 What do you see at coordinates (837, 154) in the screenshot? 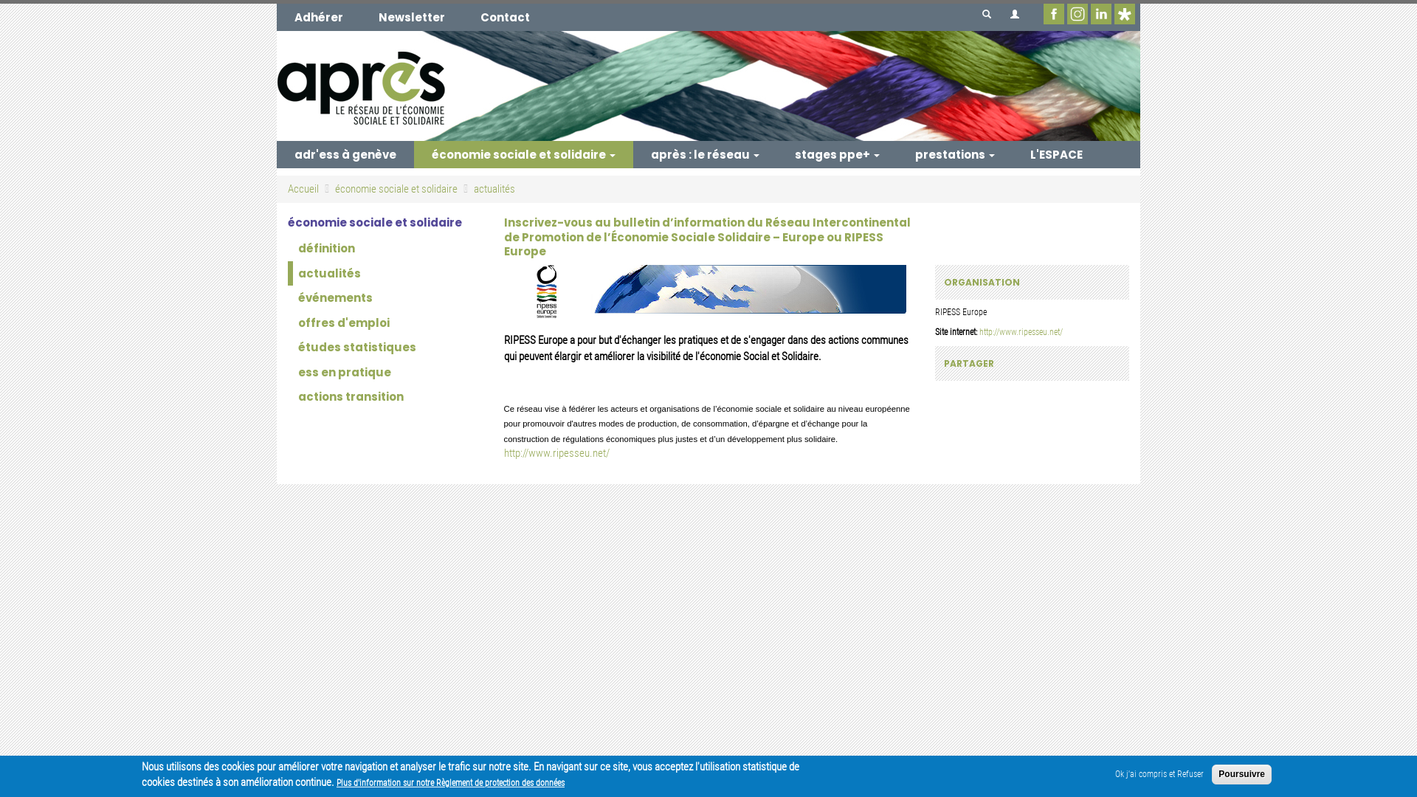
I see `'stages ppe+'` at bounding box center [837, 154].